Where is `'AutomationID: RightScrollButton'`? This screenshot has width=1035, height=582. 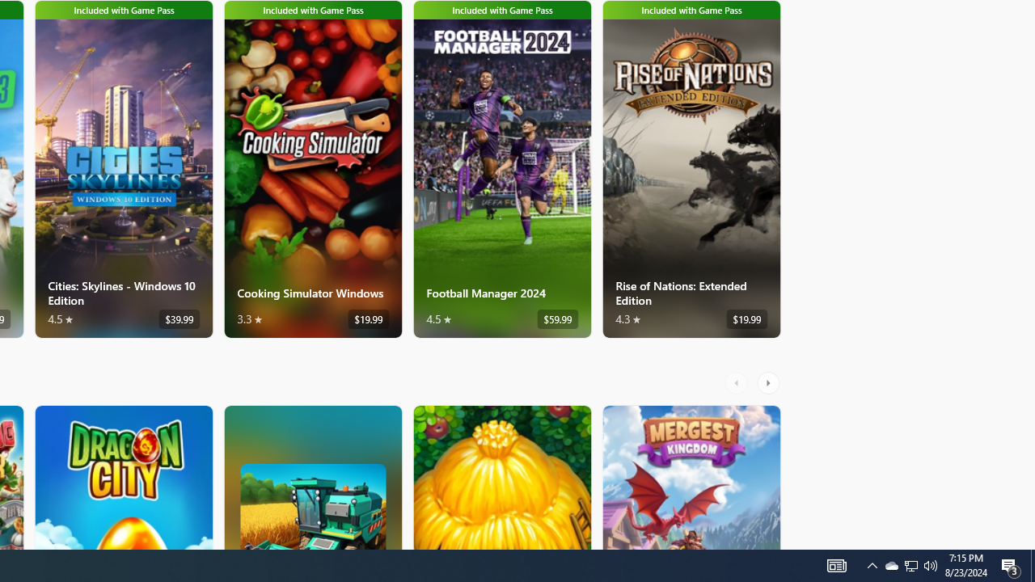 'AutomationID: RightScrollButton' is located at coordinates (769, 382).